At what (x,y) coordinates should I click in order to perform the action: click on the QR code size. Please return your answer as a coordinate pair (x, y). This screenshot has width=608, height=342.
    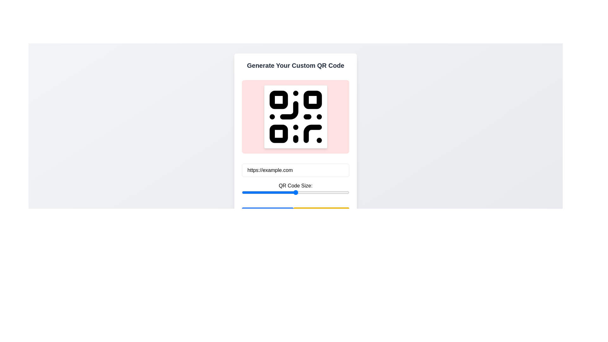
    Looking at the image, I should click on (320, 192).